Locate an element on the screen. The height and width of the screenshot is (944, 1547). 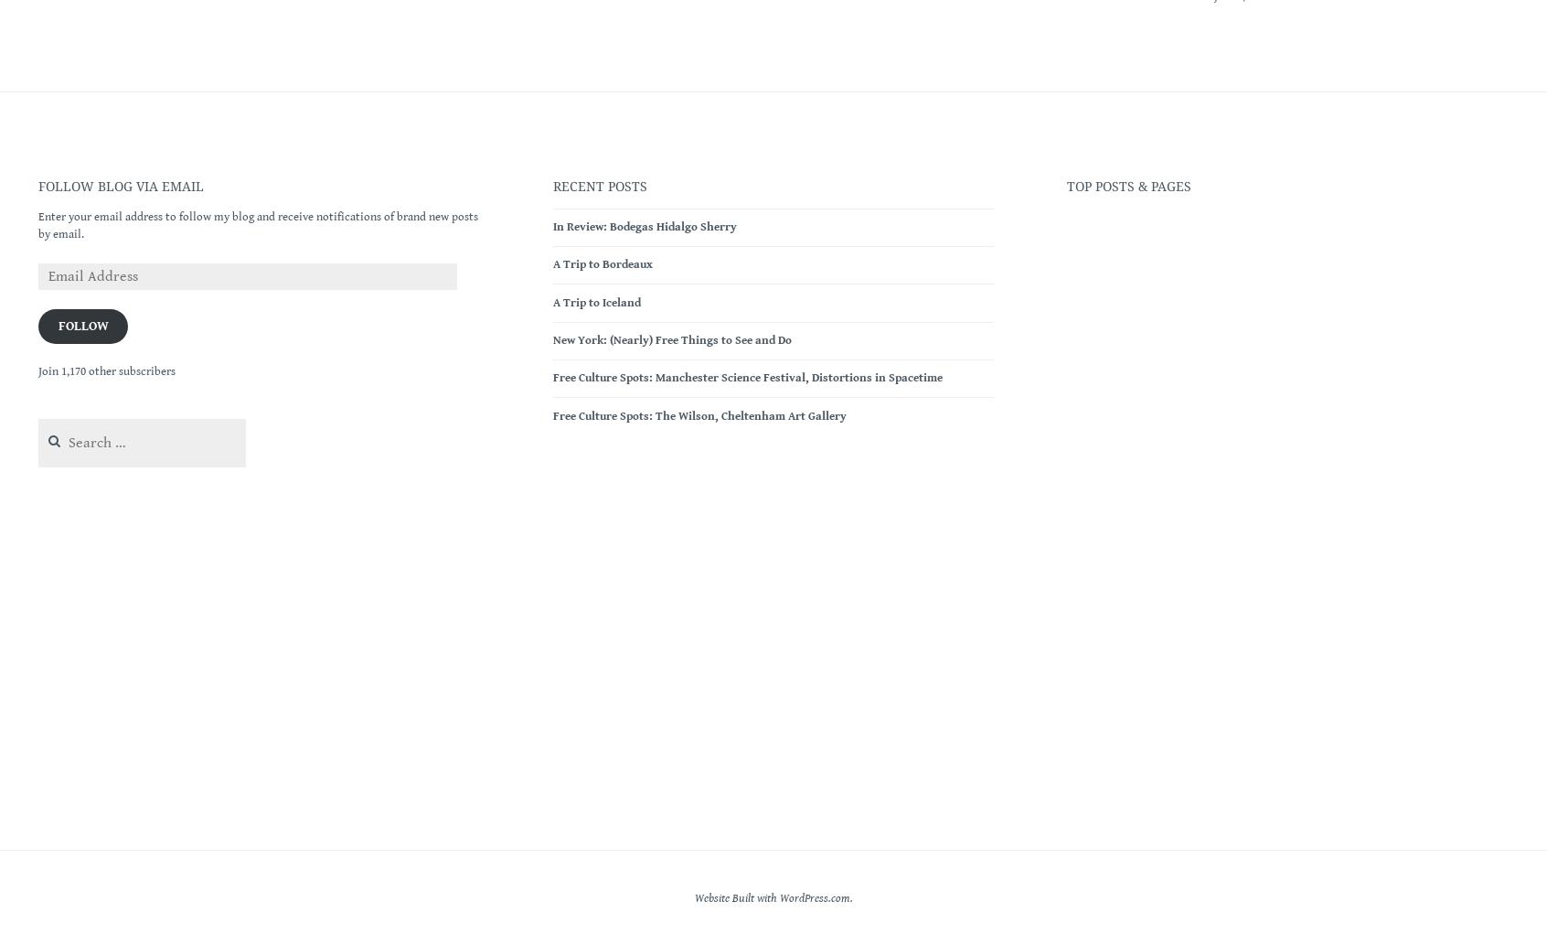
'Website Built with WordPress.com' is located at coordinates (771, 896).